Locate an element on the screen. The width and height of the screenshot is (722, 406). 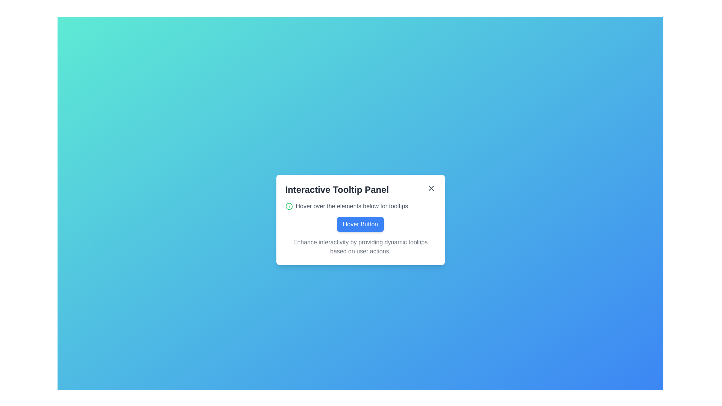
the 'Hover Button' which is a rectangular button with rounded corners, a blue background, and white bold sans-serif text, located in the center of the panel under the title 'Interactive Tooltip Panel' is located at coordinates (360, 224).